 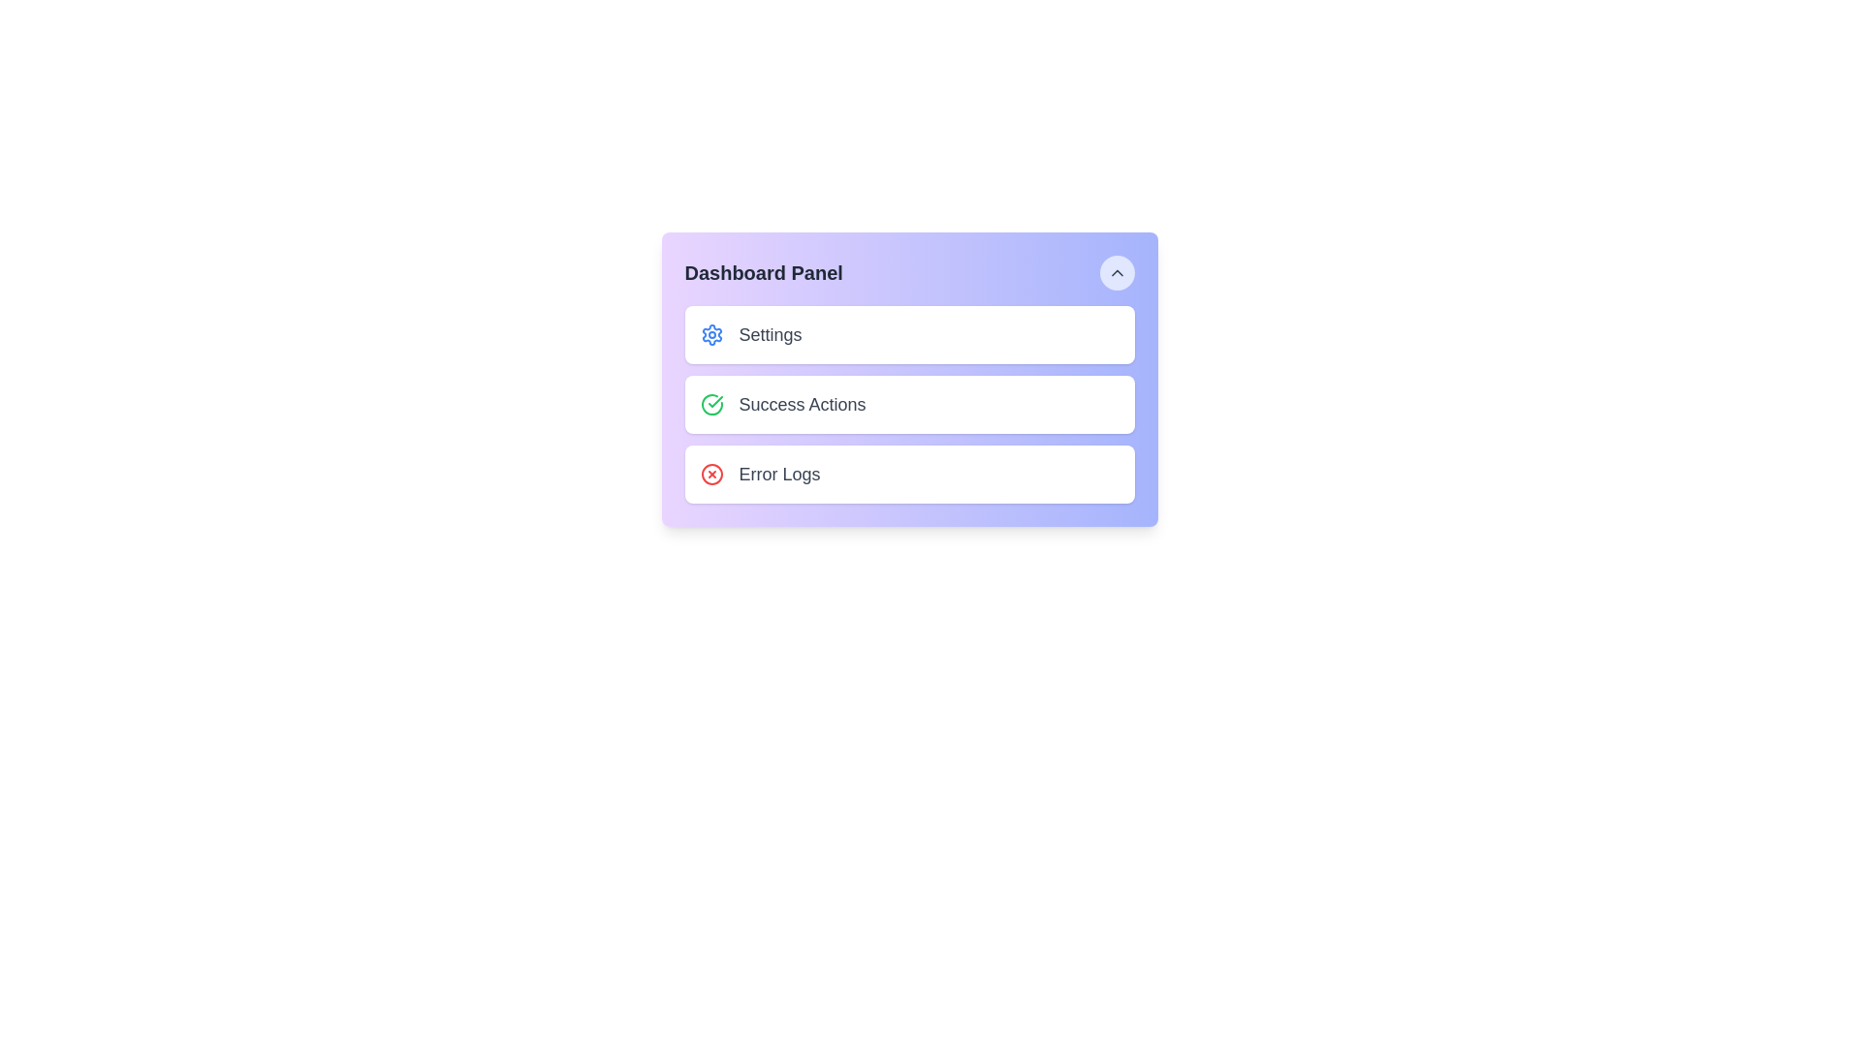 What do you see at coordinates (908, 474) in the screenshot?
I see `the third item in the vertically stacked list that provides access to the error logs section` at bounding box center [908, 474].